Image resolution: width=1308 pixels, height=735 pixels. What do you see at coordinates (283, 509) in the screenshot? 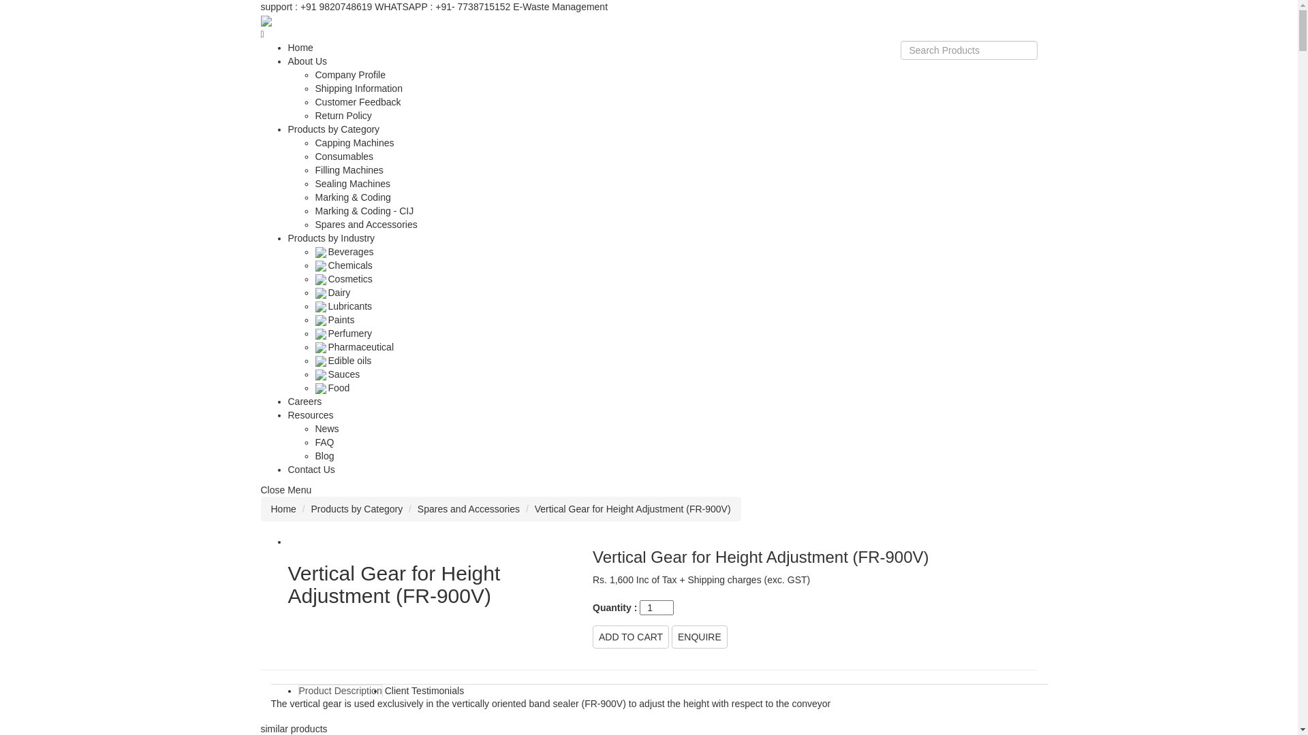
I see `'Home'` at bounding box center [283, 509].